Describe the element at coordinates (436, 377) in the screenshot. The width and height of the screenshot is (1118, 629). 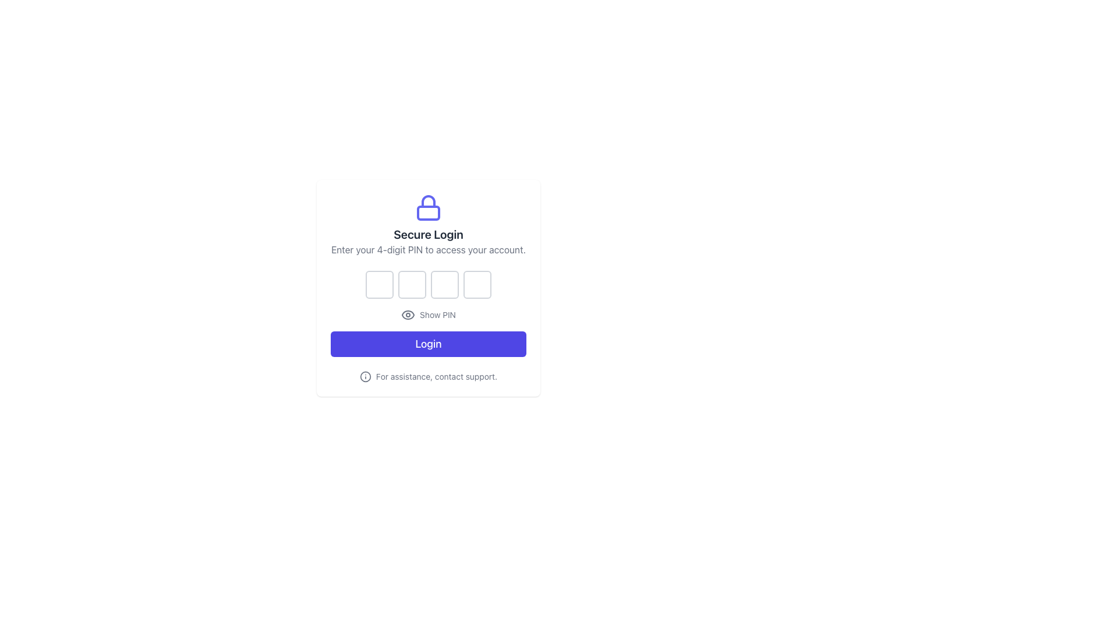
I see `text content of the informational message label located at the bottom right of the login interface, positioned next to the informational icon` at that location.